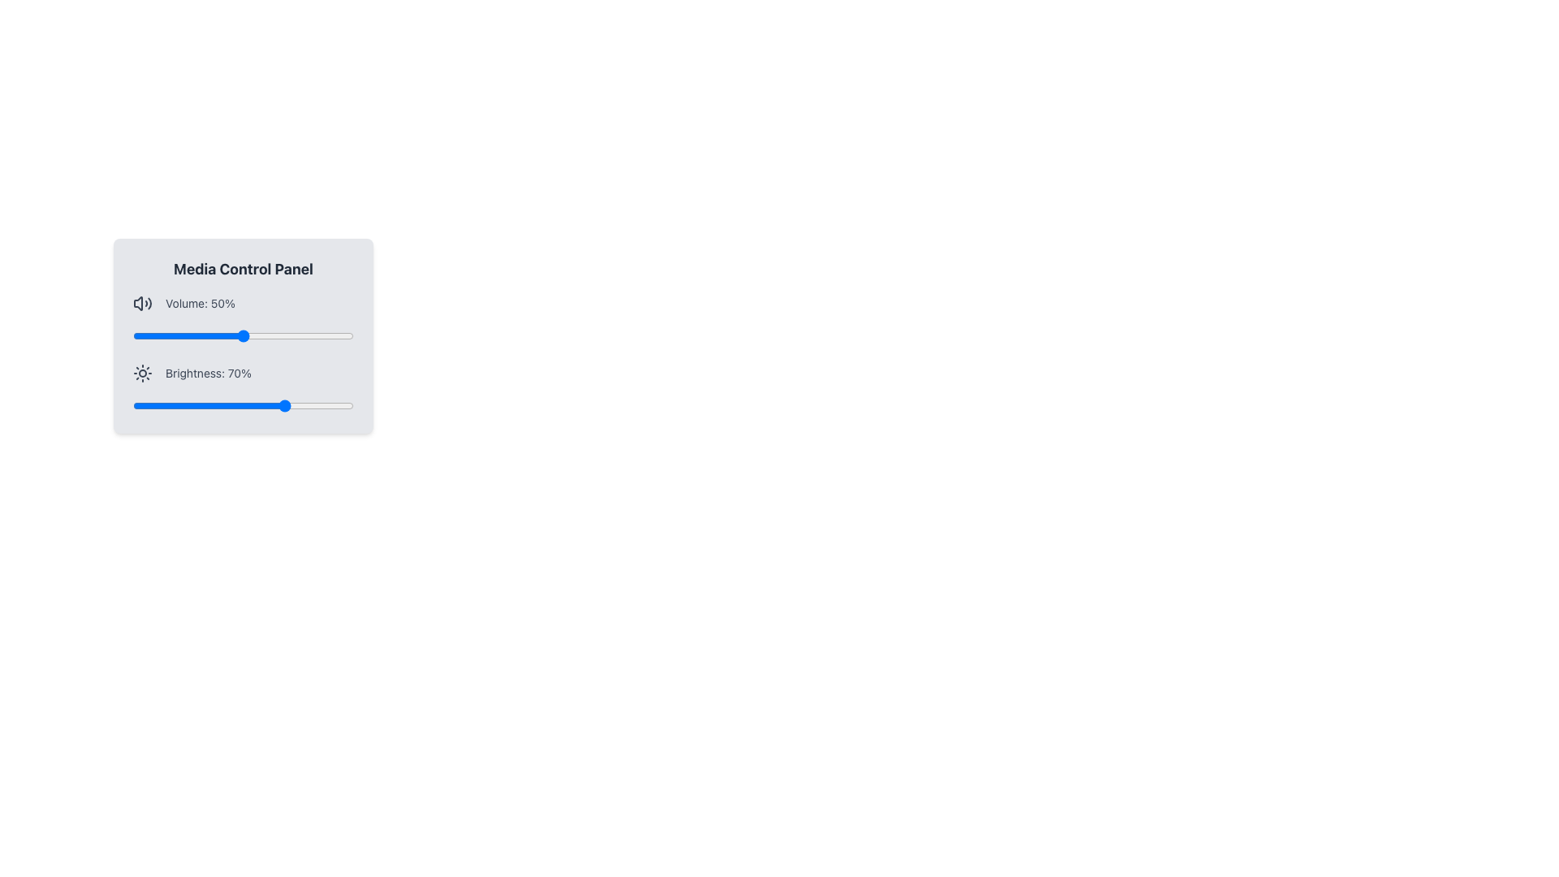 This screenshot has width=1559, height=877. Describe the element at coordinates (199, 304) in the screenshot. I see `the static text label reading 'Volume: 50%' which is gray and styled with a small text size, located inside the media control panel interface, adjacent to a speaker icon` at that location.